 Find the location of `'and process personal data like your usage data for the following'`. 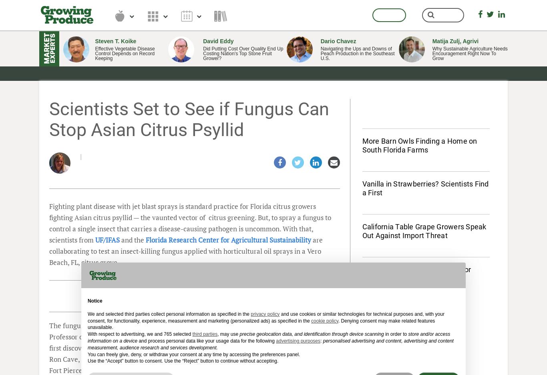

'and process personal data like your usage data for the following' is located at coordinates (206, 341).